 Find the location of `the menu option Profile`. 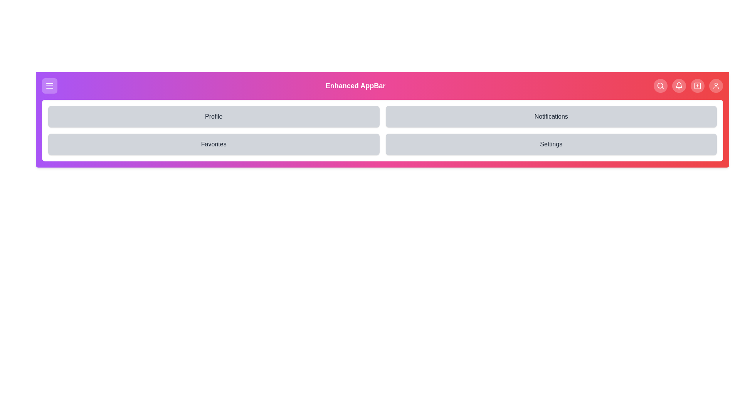

the menu option Profile is located at coordinates (214, 117).